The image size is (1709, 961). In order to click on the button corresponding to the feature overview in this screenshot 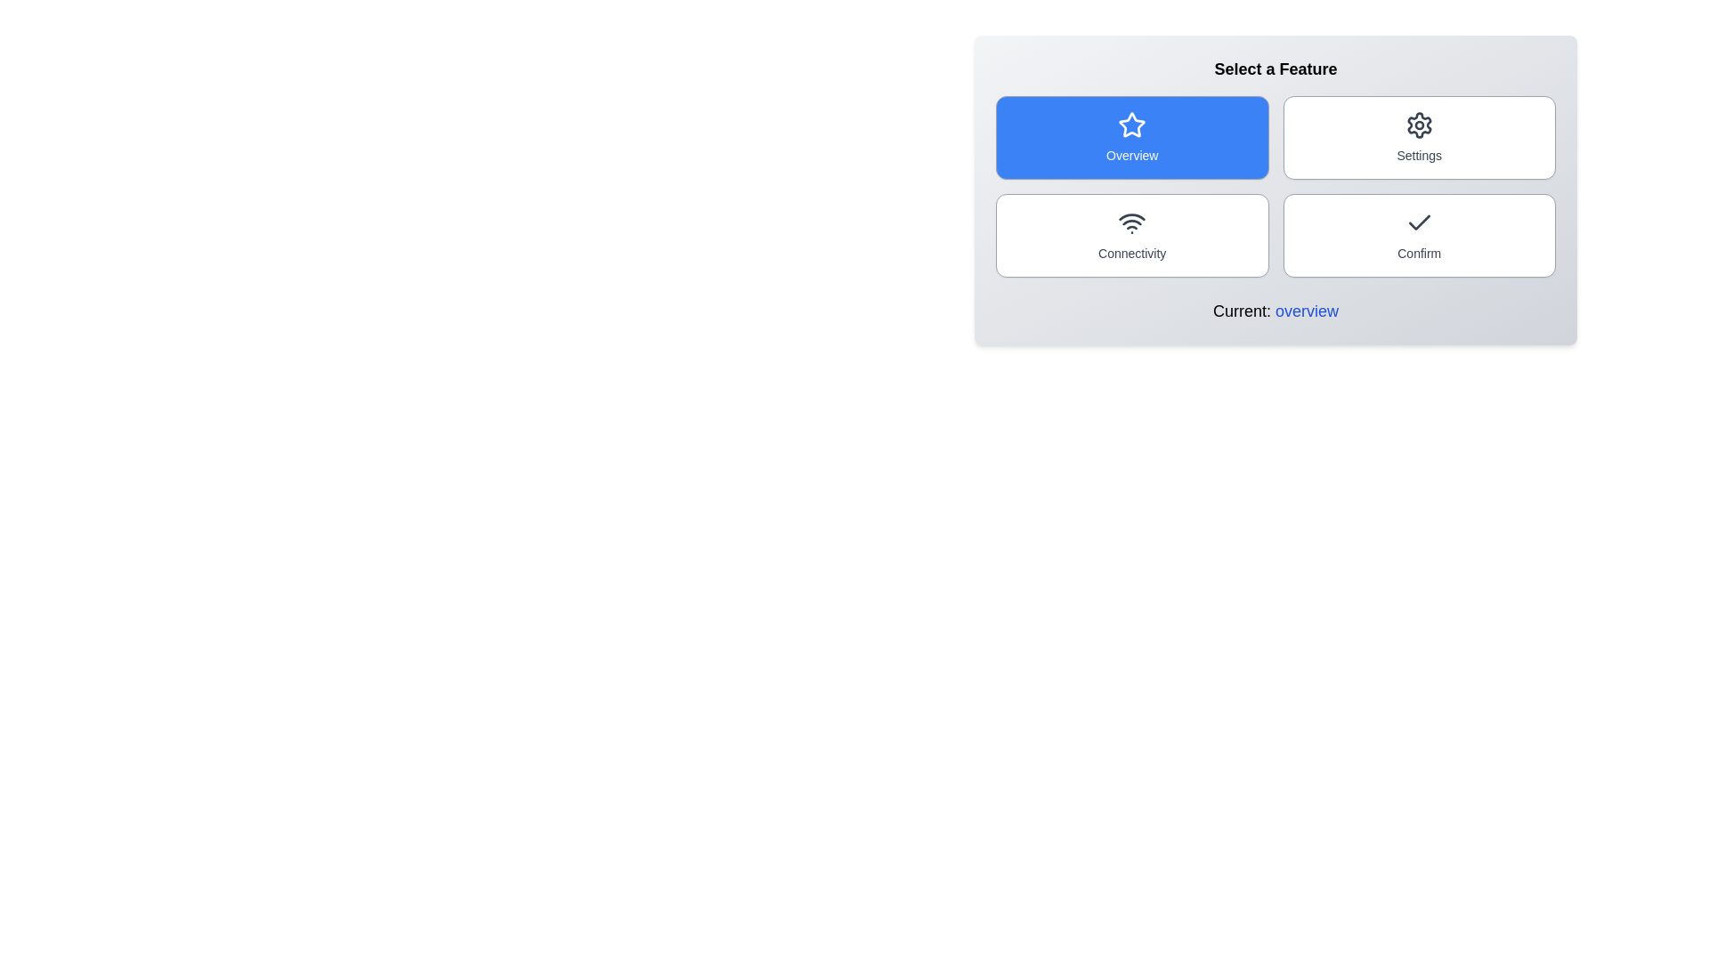, I will do `click(1131, 136)`.